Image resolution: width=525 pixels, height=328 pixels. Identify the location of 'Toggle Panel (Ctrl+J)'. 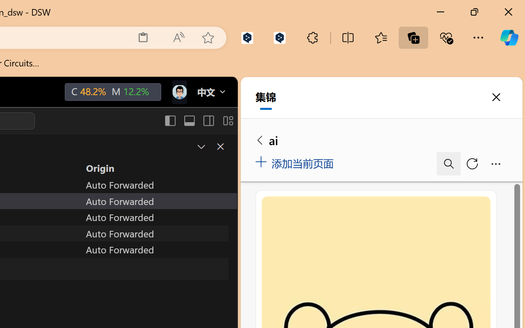
(189, 121).